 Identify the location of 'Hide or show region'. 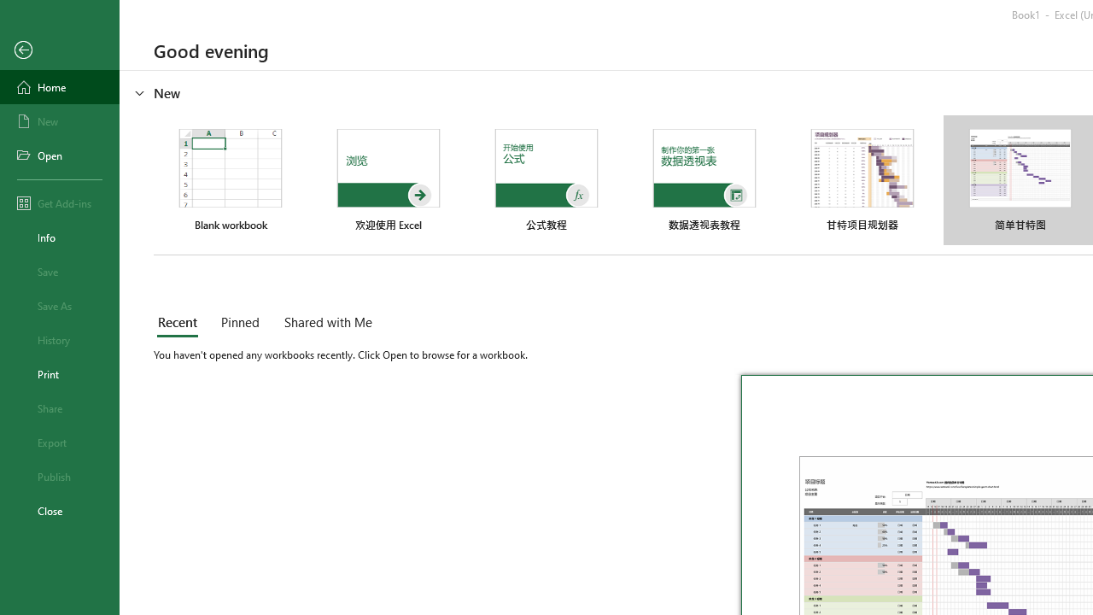
(140, 93).